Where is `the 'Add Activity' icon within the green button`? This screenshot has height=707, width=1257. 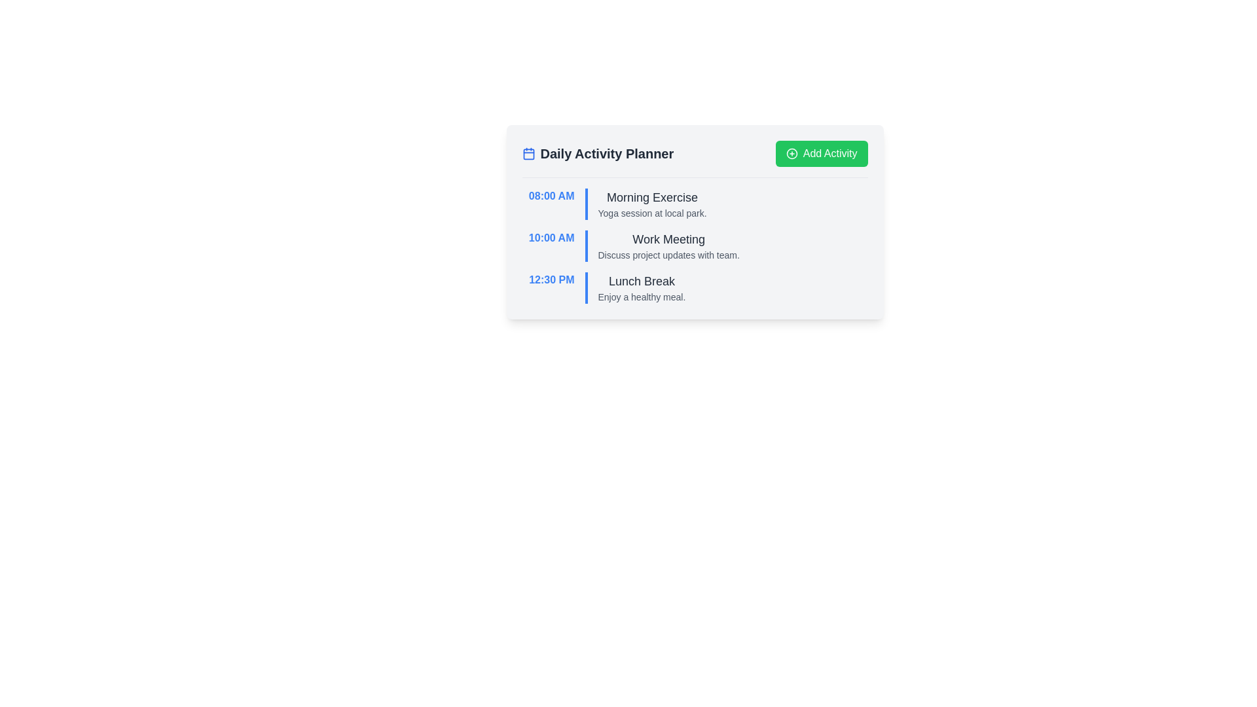 the 'Add Activity' icon within the green button is located at coordinates (791, 153).